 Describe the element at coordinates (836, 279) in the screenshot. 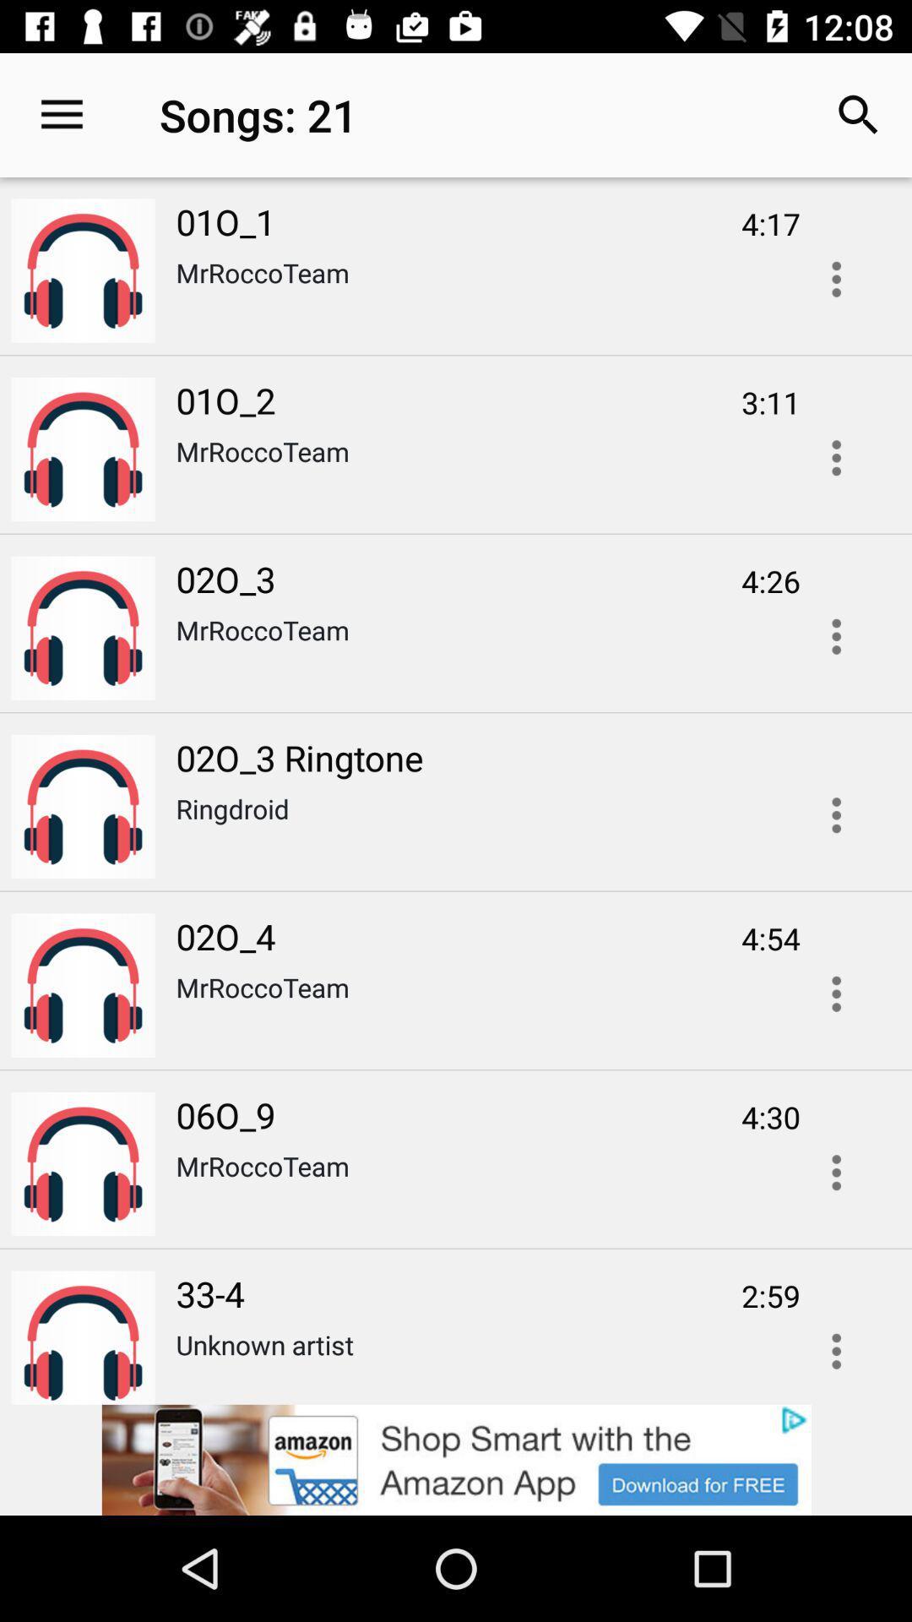

I see `open the side menu` at that location.